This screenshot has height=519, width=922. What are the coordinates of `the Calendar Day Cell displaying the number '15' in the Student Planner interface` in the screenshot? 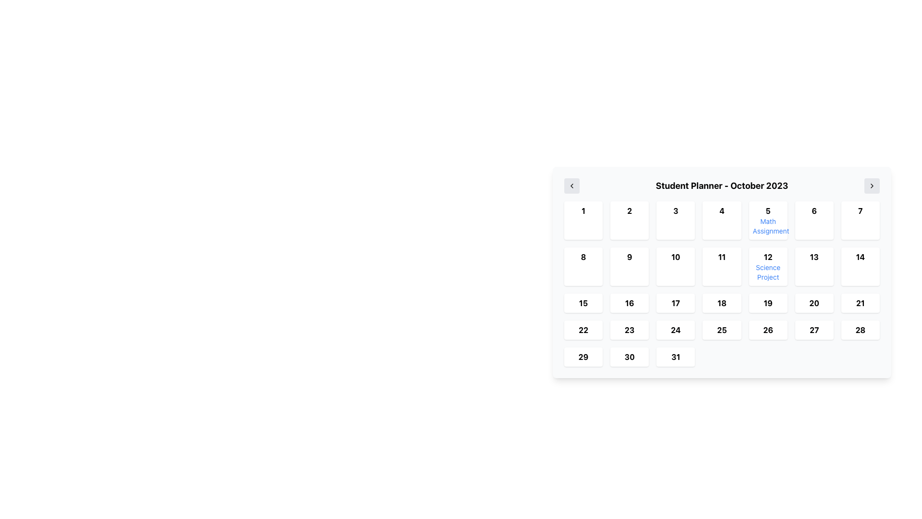 It's located at (582, 303).